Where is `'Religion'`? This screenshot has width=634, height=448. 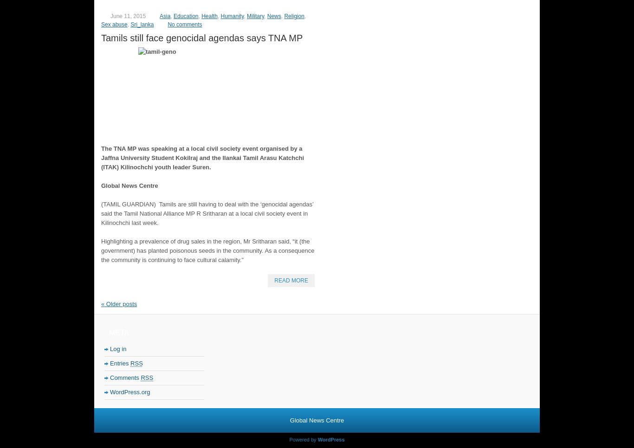 'Religion' is located at coordinates (293, 15).